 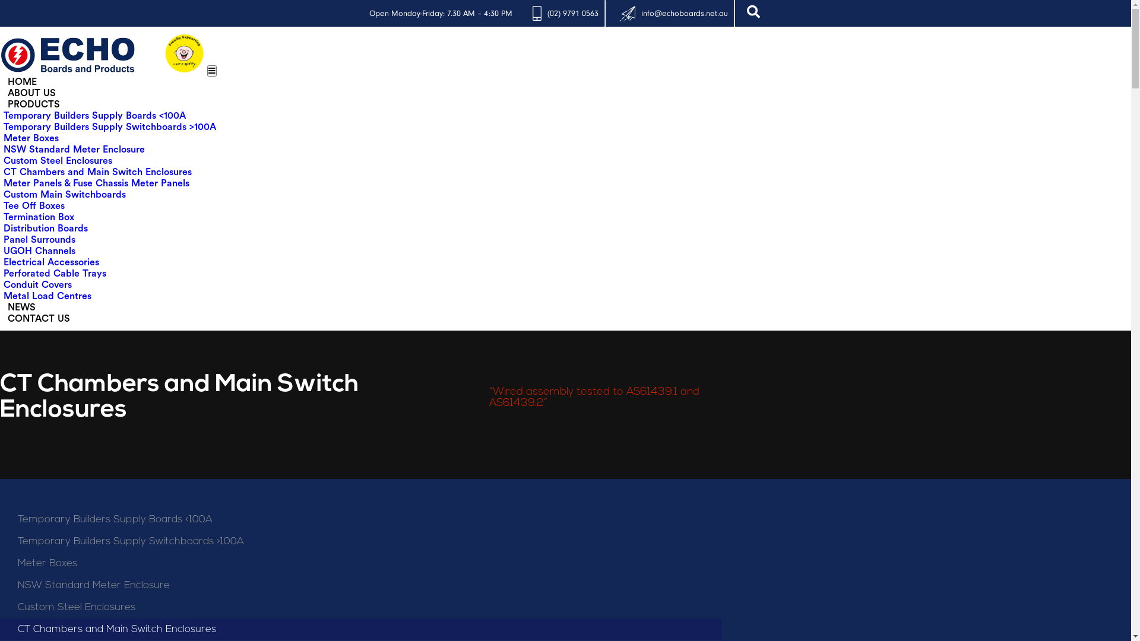 I want to click on 'UGOH Channels', so click(x=39, y=250).